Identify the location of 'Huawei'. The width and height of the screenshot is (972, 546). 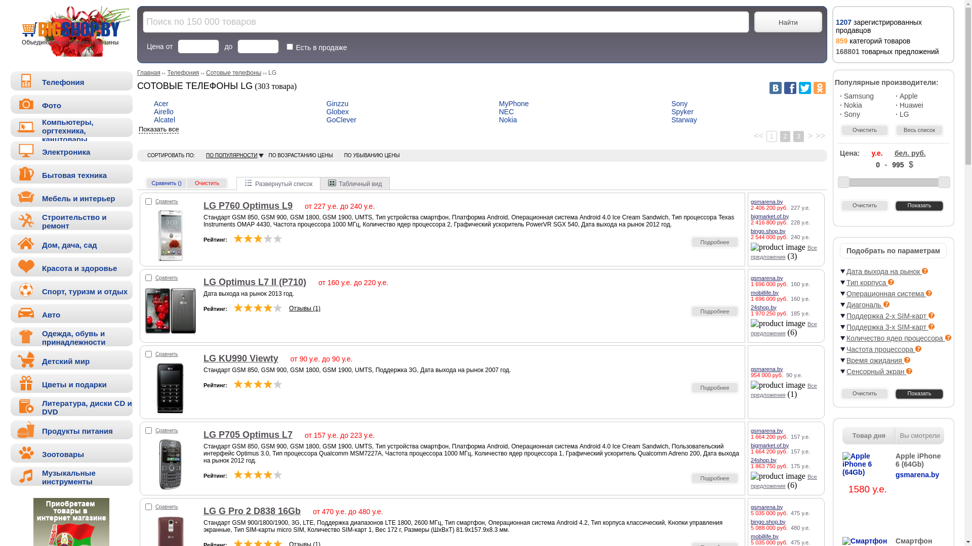
(921, 105).